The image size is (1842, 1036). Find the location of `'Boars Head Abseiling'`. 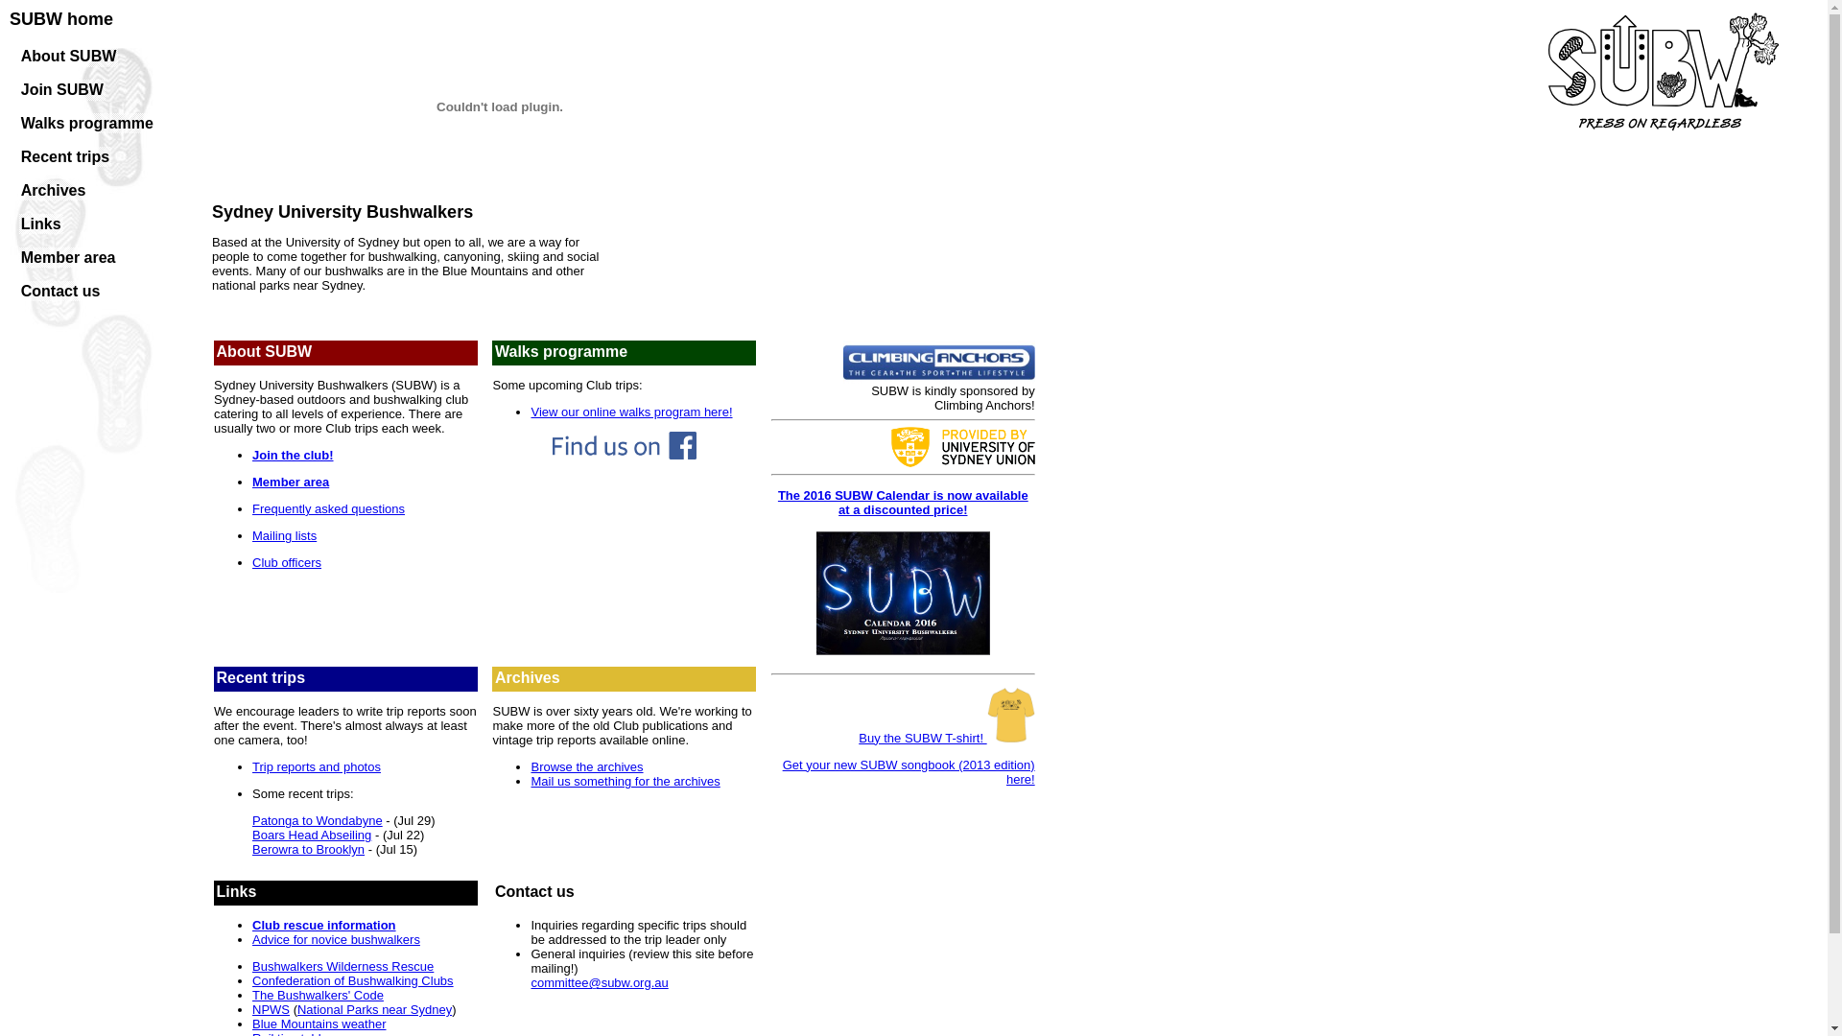

'Boars Head Abseiling' is located at coordinates (312, 834).